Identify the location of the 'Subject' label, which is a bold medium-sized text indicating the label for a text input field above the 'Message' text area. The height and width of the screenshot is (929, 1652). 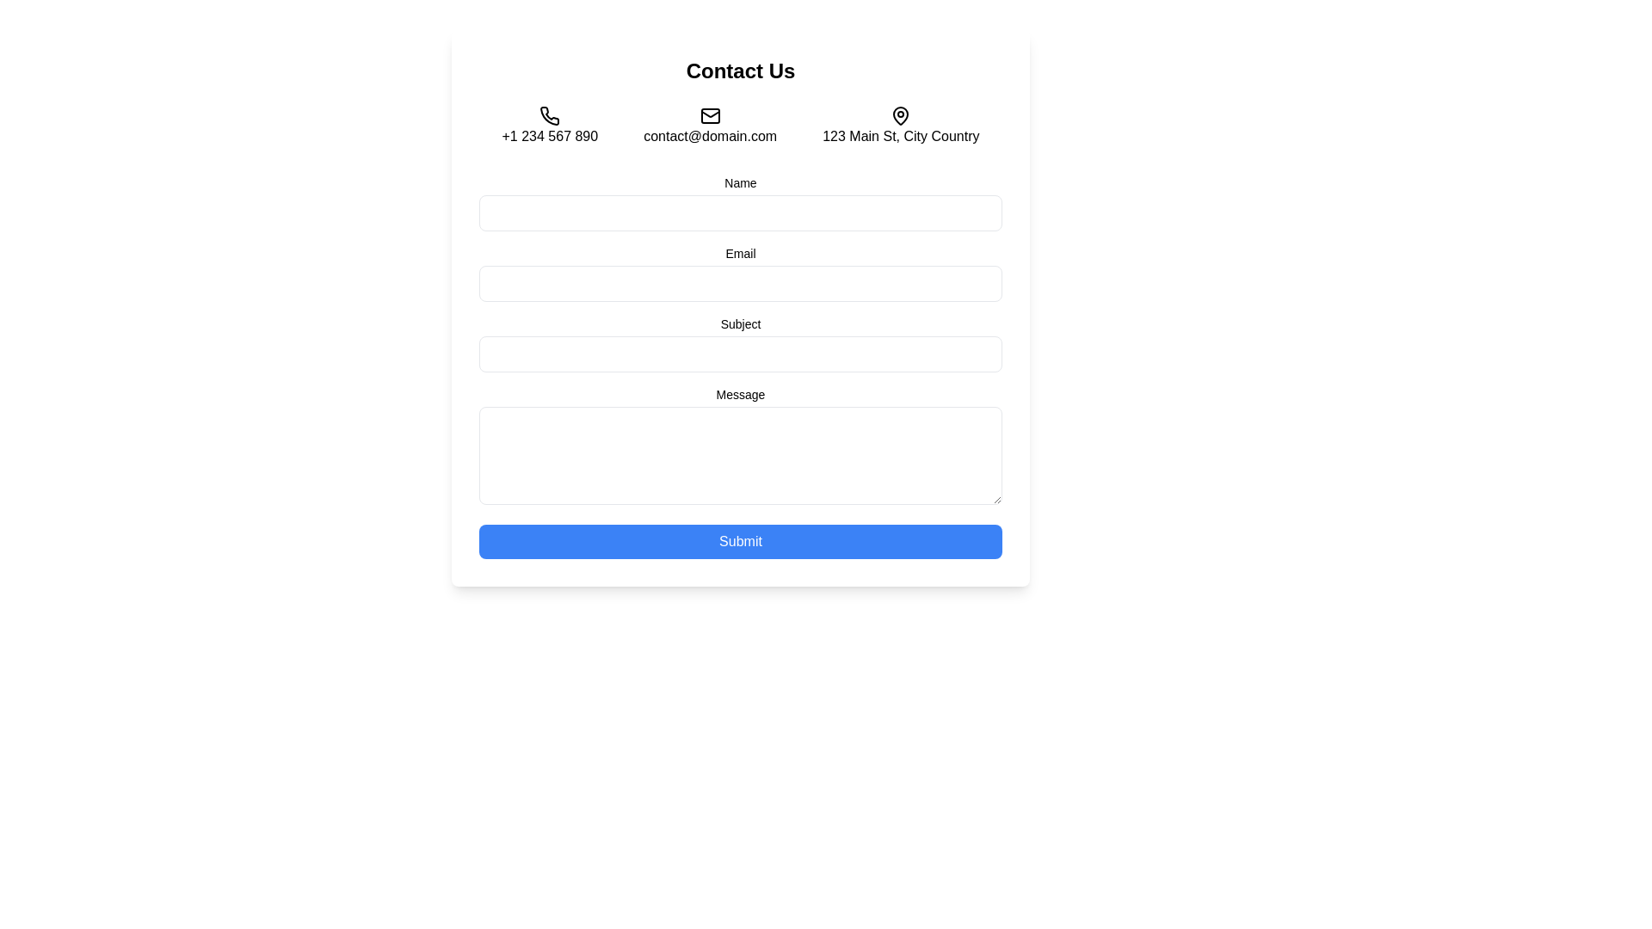
(740, 324).